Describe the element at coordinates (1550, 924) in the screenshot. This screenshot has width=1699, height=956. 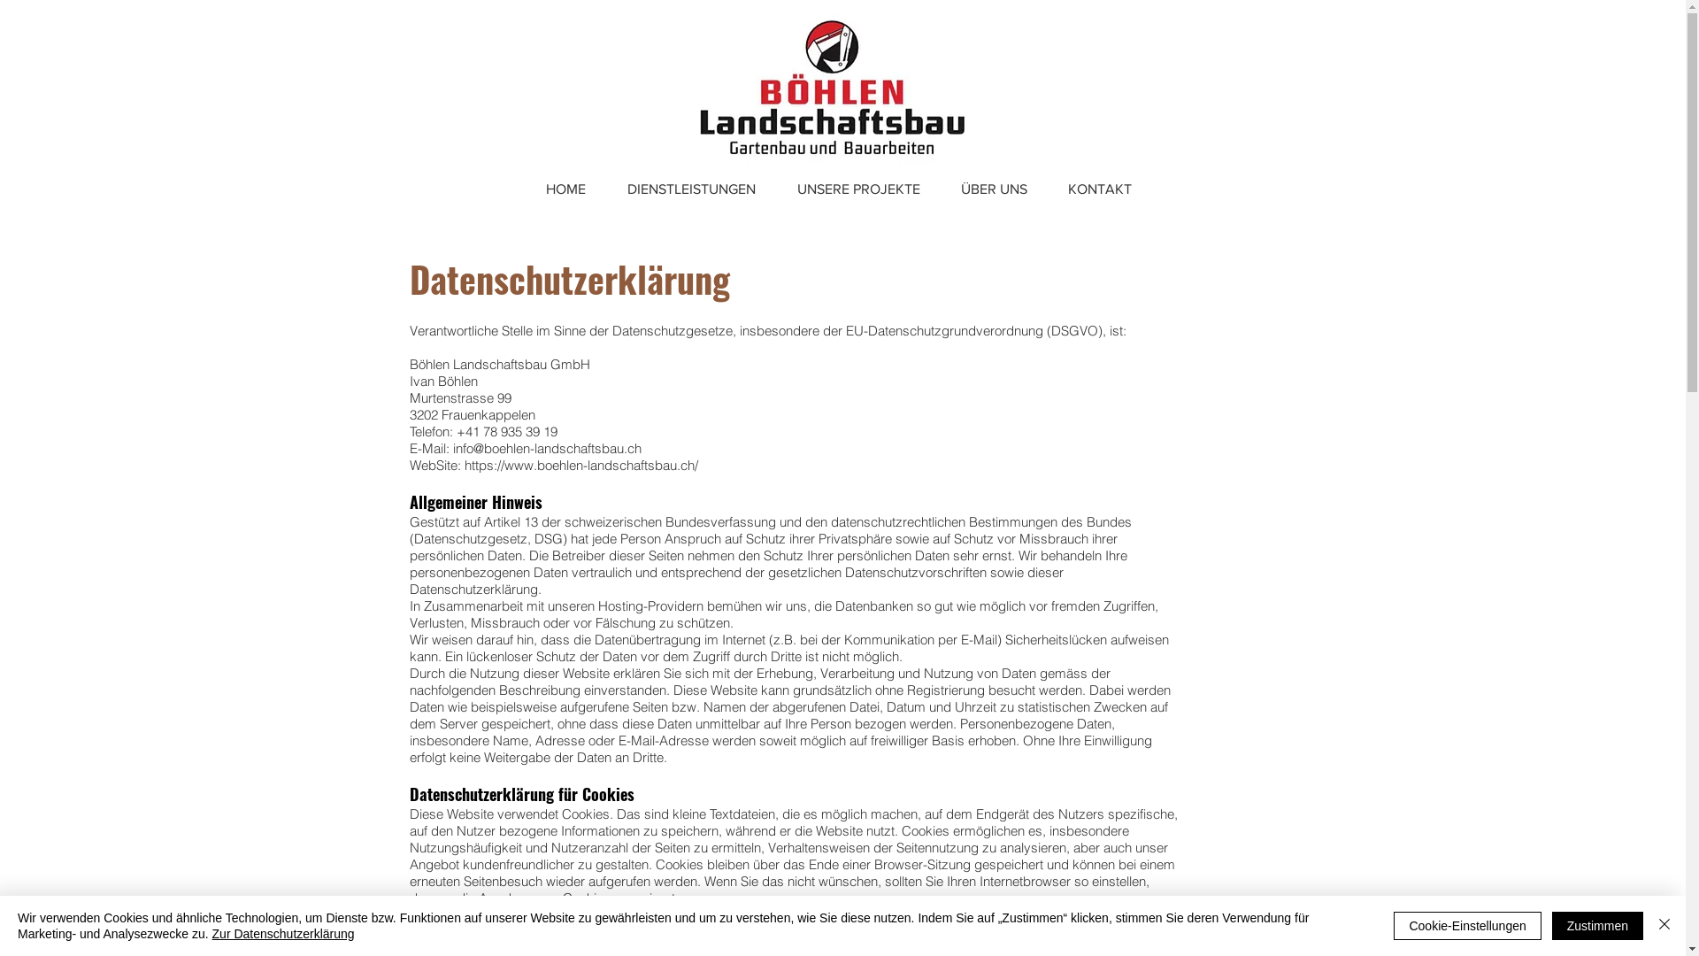
I see `'Zustimmen'` at that location.